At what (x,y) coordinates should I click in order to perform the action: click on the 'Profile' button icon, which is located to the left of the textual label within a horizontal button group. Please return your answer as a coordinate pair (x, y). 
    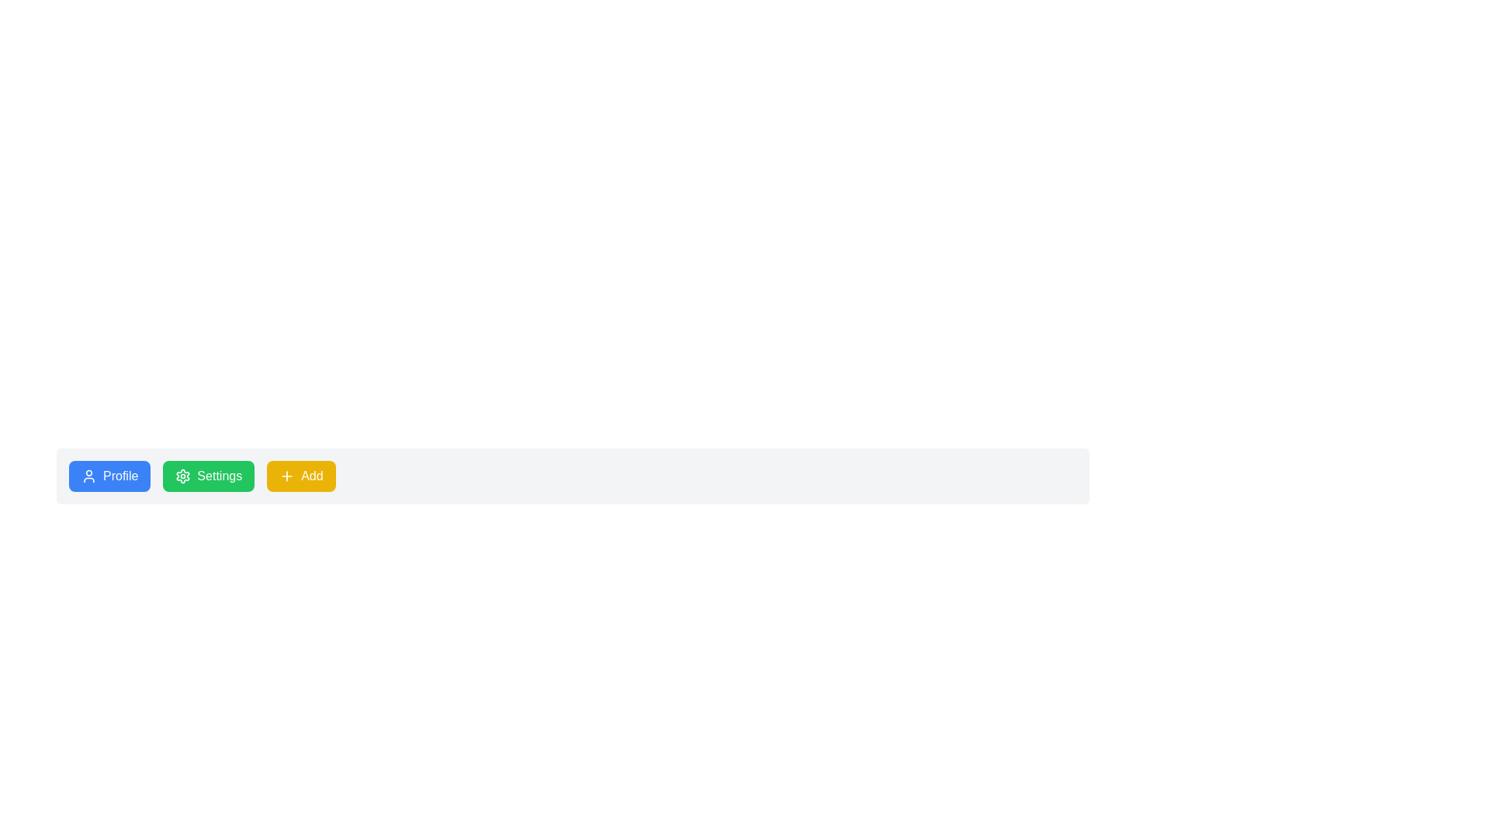
    Looking at the image, I should click on (88, 475).